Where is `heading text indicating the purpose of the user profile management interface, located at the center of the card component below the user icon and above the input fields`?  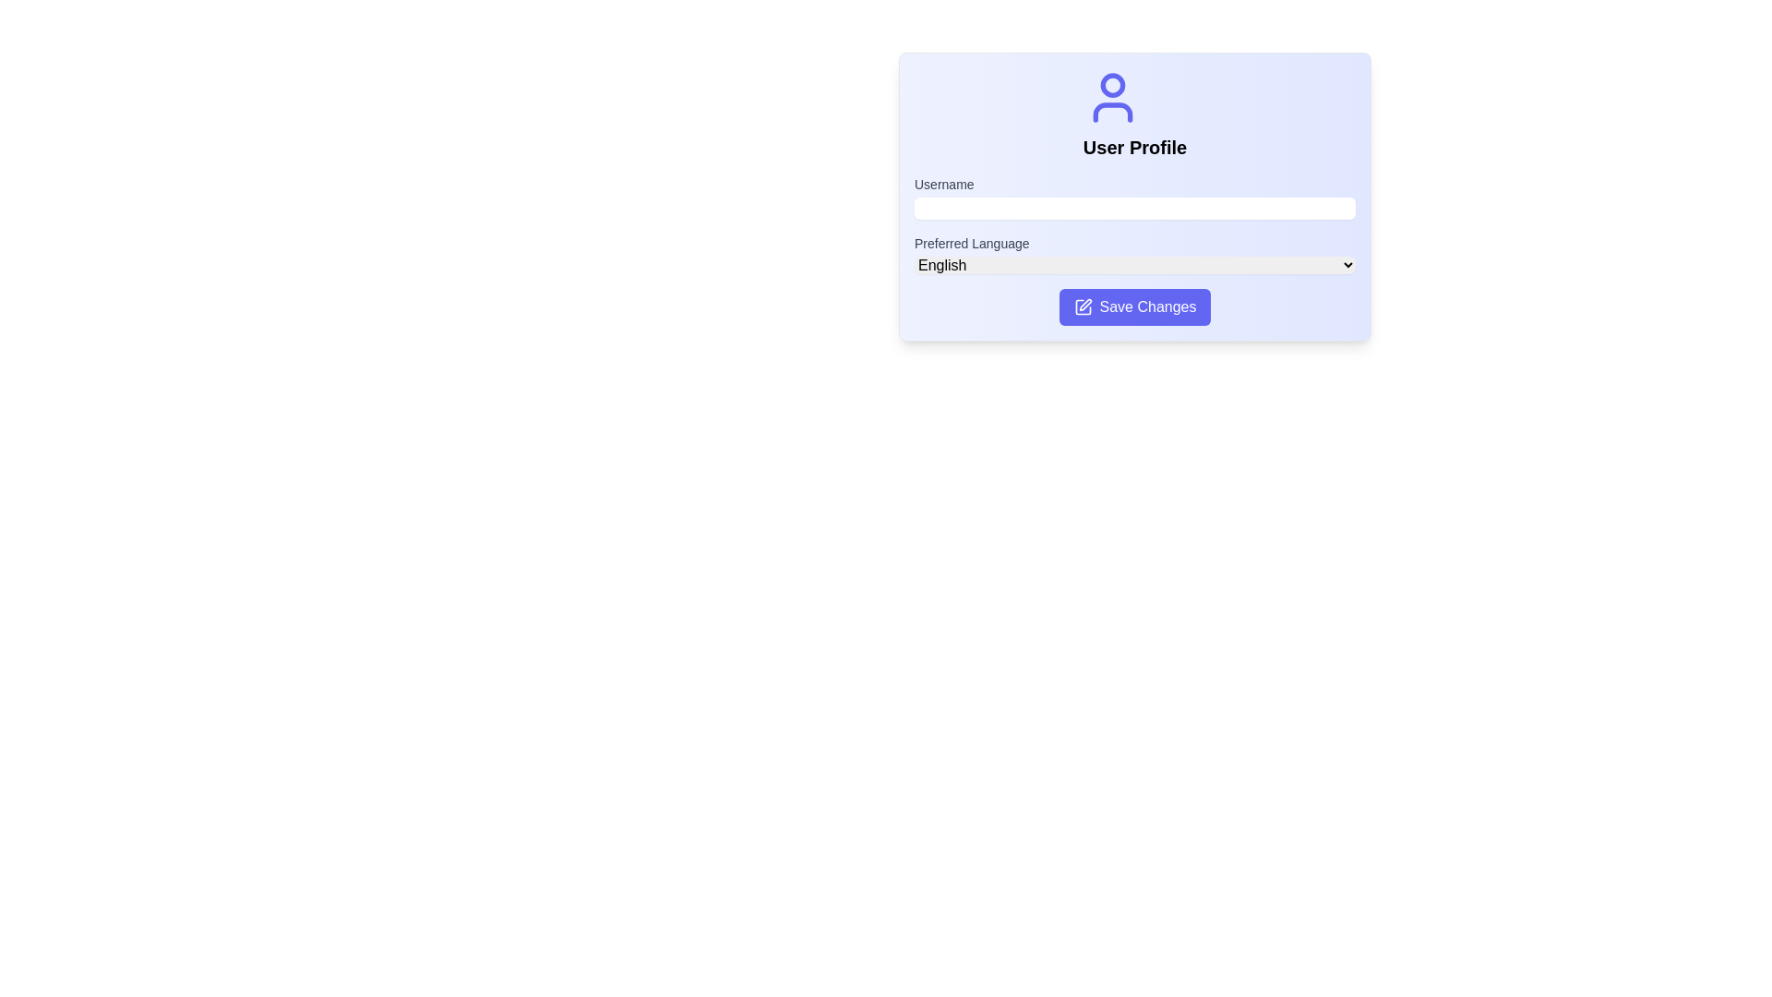 heading text indicating the purpose of the user profile management interface, located at the center of the card component below the user icon and above the input fields is located at coordinates (1133, 146).